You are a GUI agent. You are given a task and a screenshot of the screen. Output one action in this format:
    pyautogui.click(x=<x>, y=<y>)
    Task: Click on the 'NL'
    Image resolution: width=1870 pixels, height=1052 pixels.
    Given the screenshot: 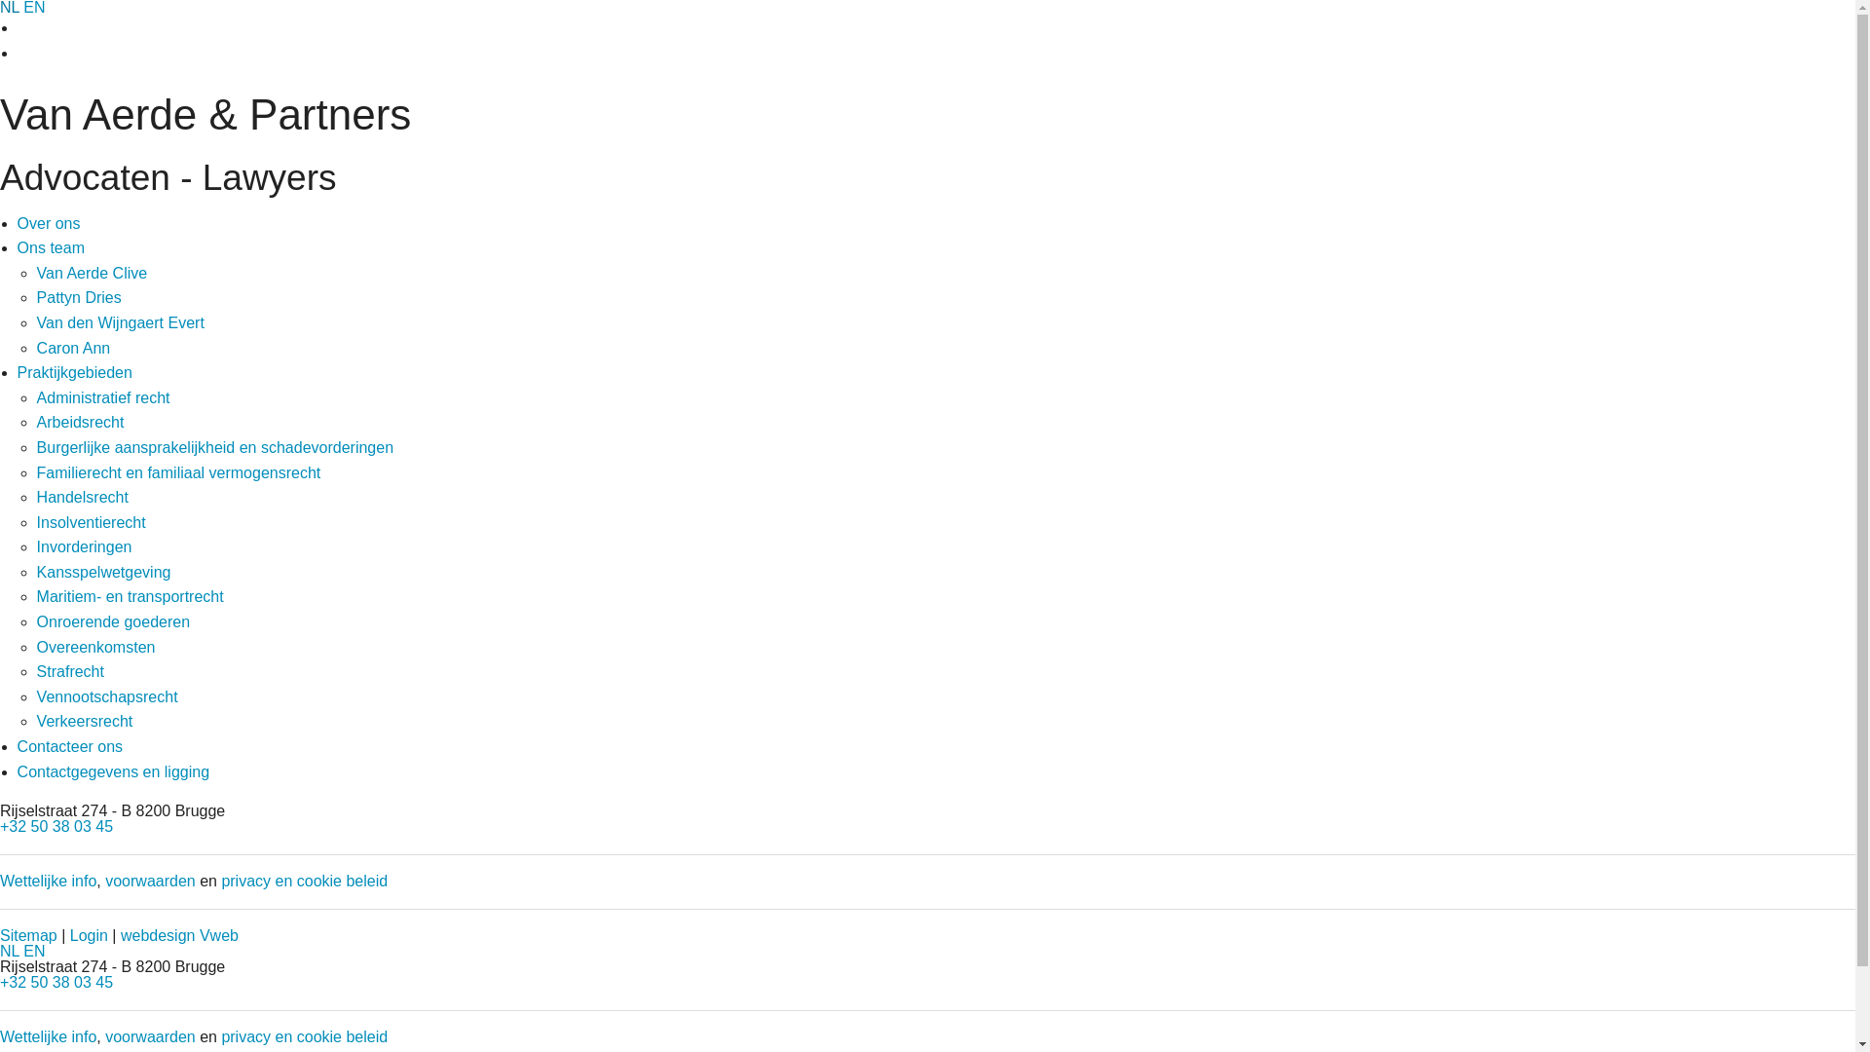 What is the action you would take?
    pyautogui.click(x=0, y=950)
    